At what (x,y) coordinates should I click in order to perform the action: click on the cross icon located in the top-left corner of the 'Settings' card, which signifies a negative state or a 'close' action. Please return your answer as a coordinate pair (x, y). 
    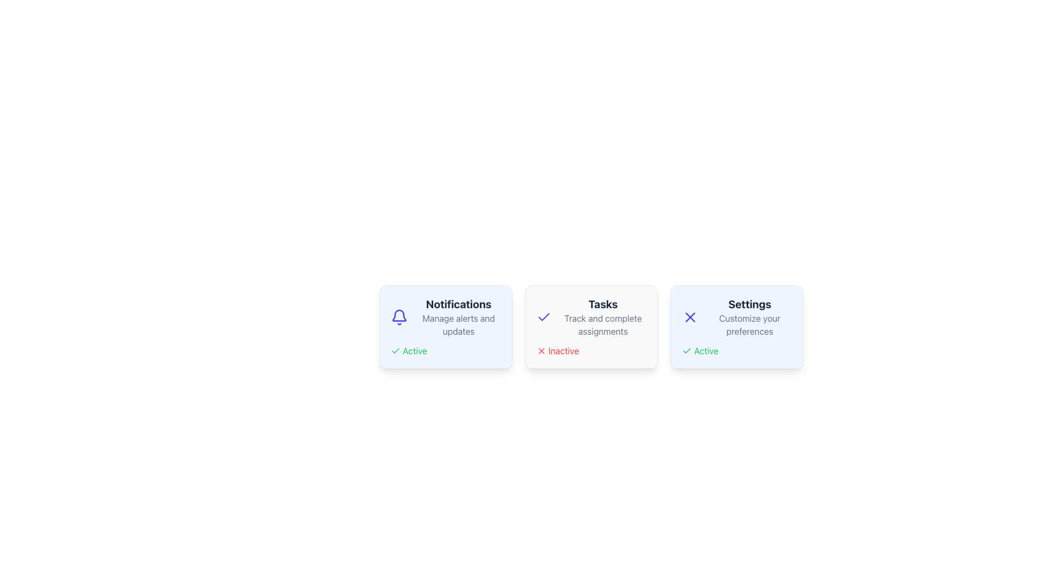
    Looking at the image, I should click on (690, 317).